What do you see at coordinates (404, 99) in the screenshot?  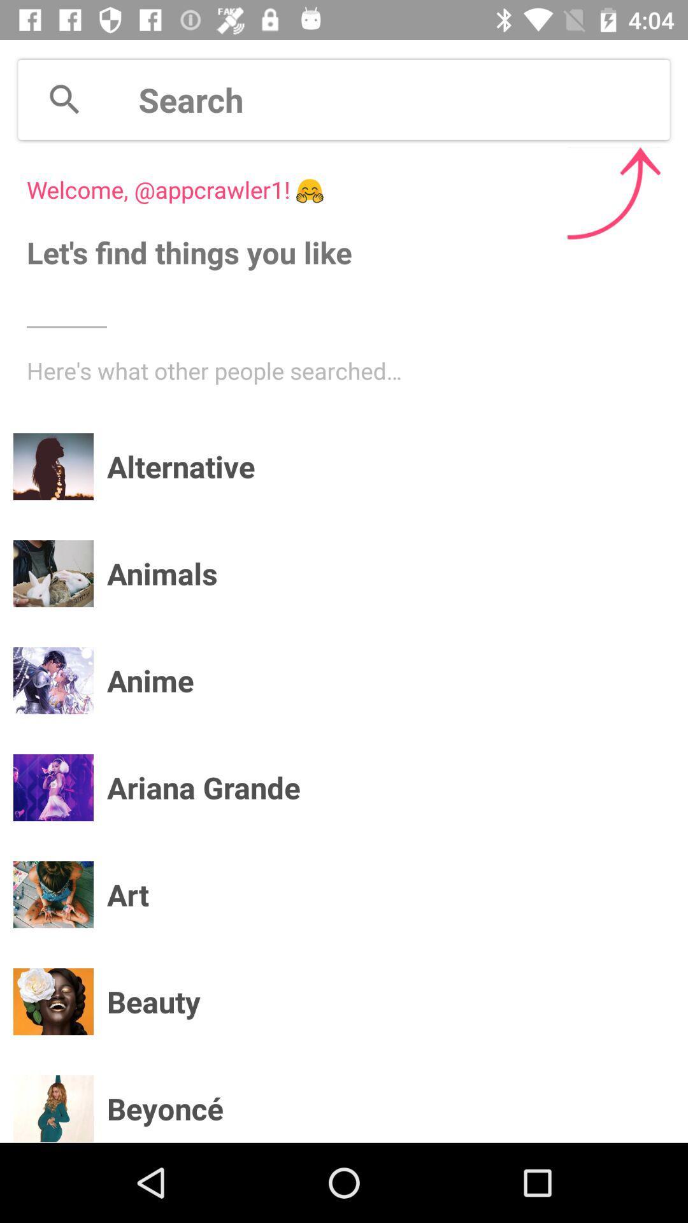 I see `search term` at bounding box center [404, 99].